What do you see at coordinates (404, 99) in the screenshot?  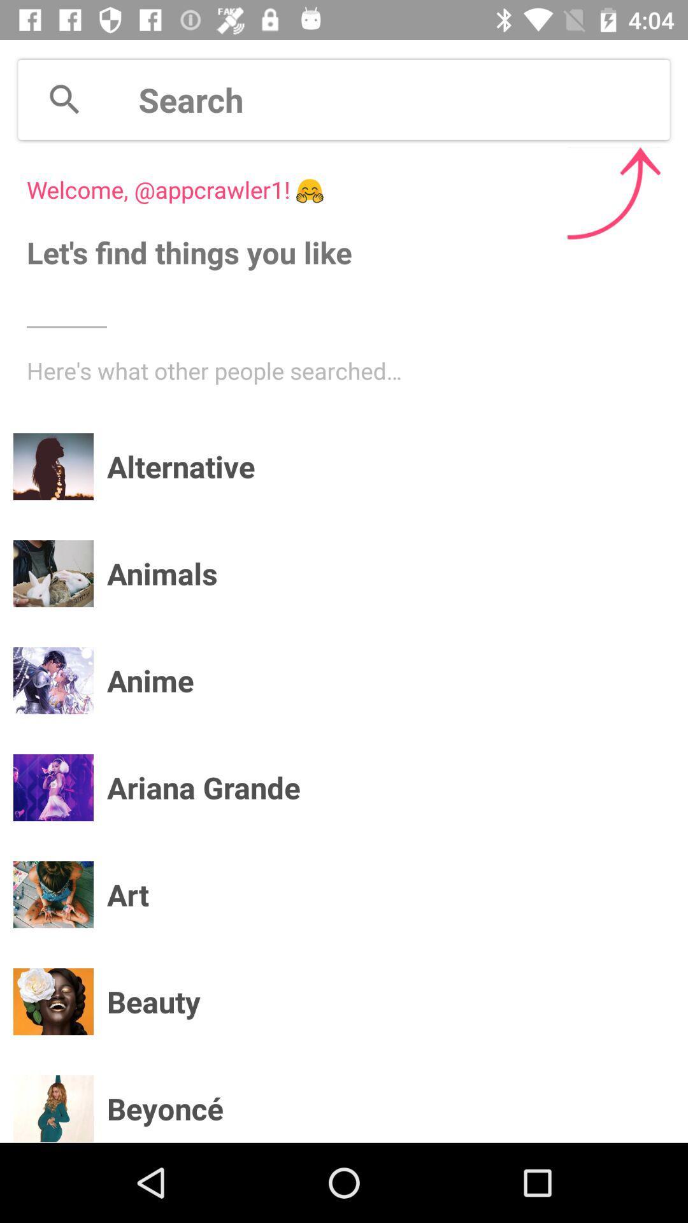 I see `search term` at bounding box center [404, 99].